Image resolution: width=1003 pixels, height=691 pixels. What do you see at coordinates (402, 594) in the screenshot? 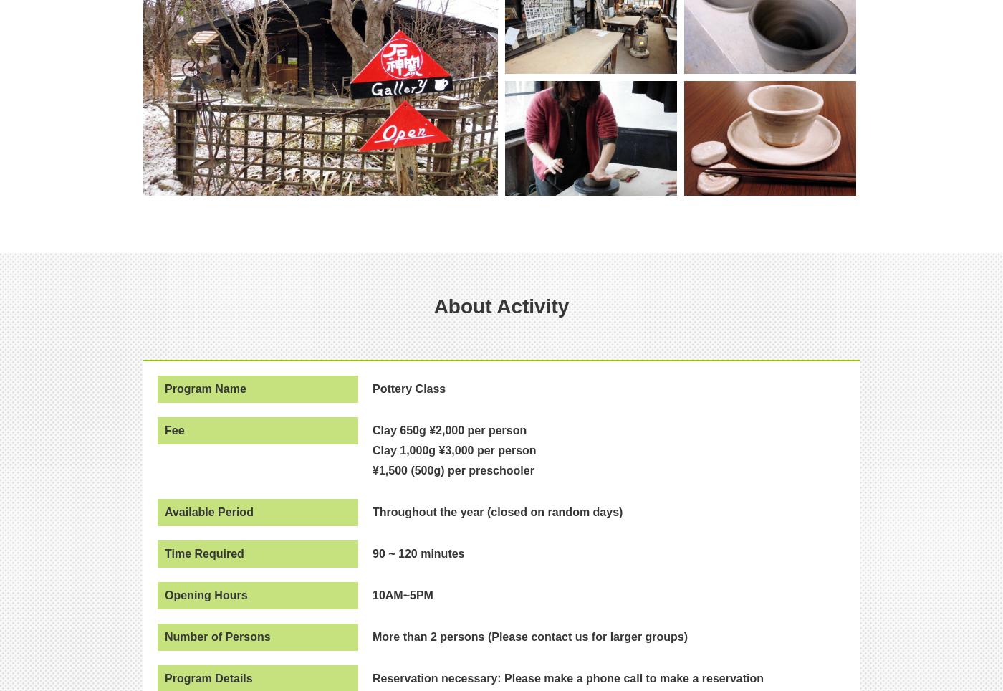
I see `'10AM~5PM'` at bounding box center [402, 594].